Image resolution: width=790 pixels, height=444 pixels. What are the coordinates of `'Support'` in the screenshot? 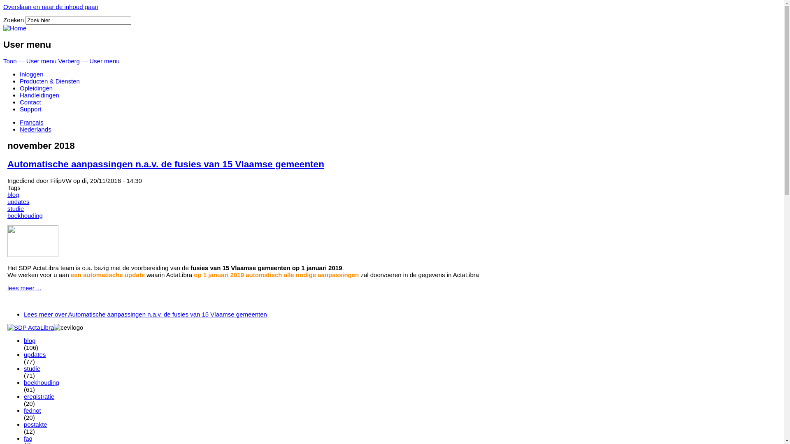 It's located at (30, 109).